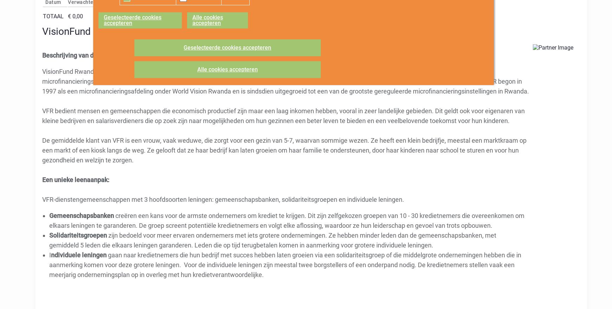 The width and height of the screenshot is (612, 309). Describe the element at coordinates (42, 115) in the screenshot. I see `'VFR bedient mensen en gemeenschappen die economisch productief zijn maar een laag inkomen hebben, vooral in zeer landelijke gebieden. Dit geldt ook voor eigenaren van kleine bedrijven en salarisverdieners die op zoek zijn naar mogelijkheden om hun gezinnen een beter leven te bieden en een veelbelovende toekomst voor hun kinderen.'` at that location.